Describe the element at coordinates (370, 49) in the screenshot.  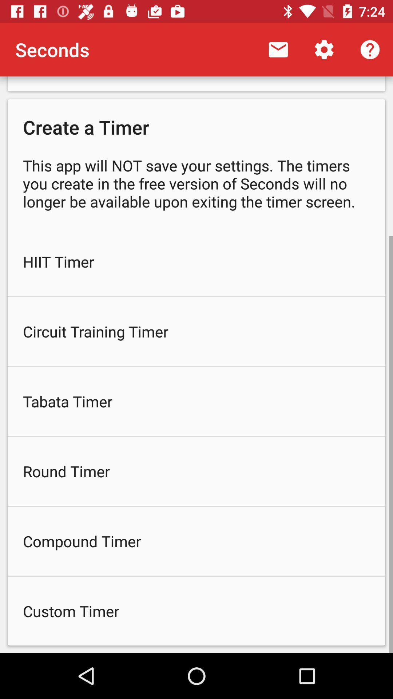
I see `item above create a timer icon` at that location.